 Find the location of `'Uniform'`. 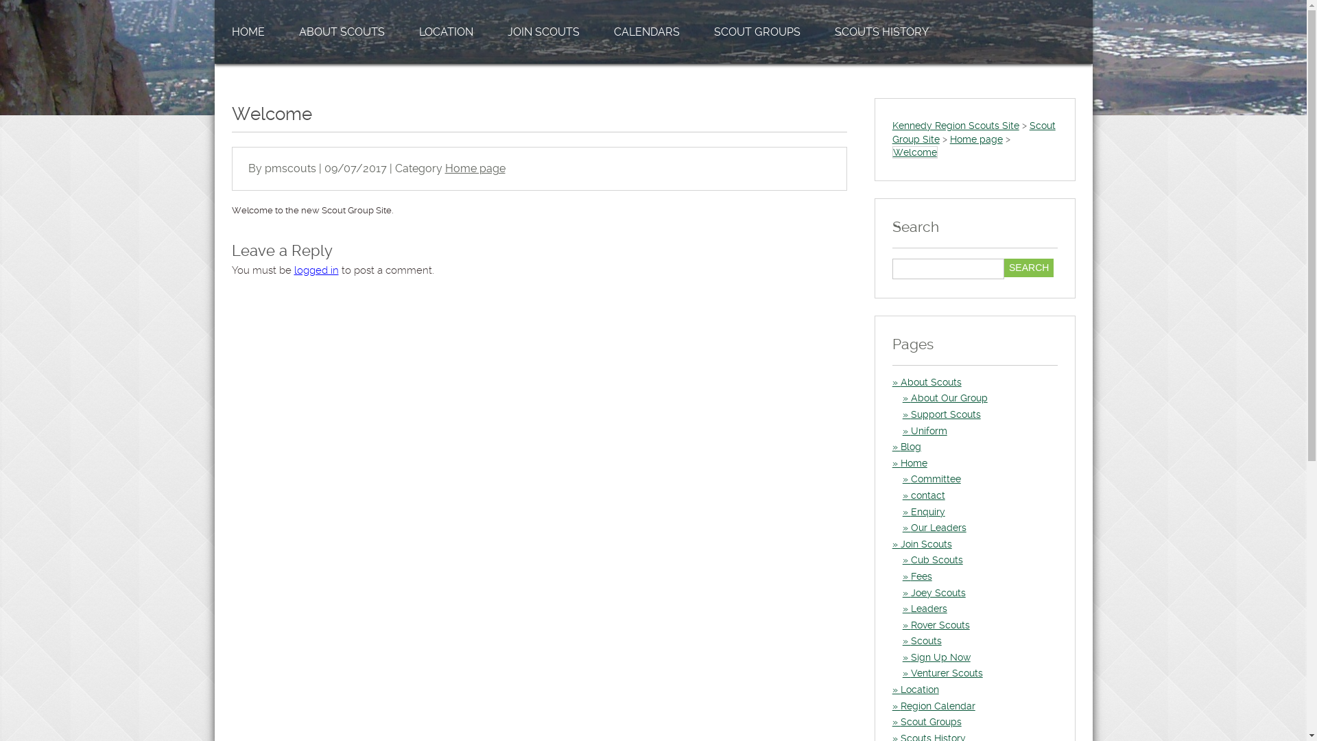

'Uniform' is located at coordinates (925, 430).